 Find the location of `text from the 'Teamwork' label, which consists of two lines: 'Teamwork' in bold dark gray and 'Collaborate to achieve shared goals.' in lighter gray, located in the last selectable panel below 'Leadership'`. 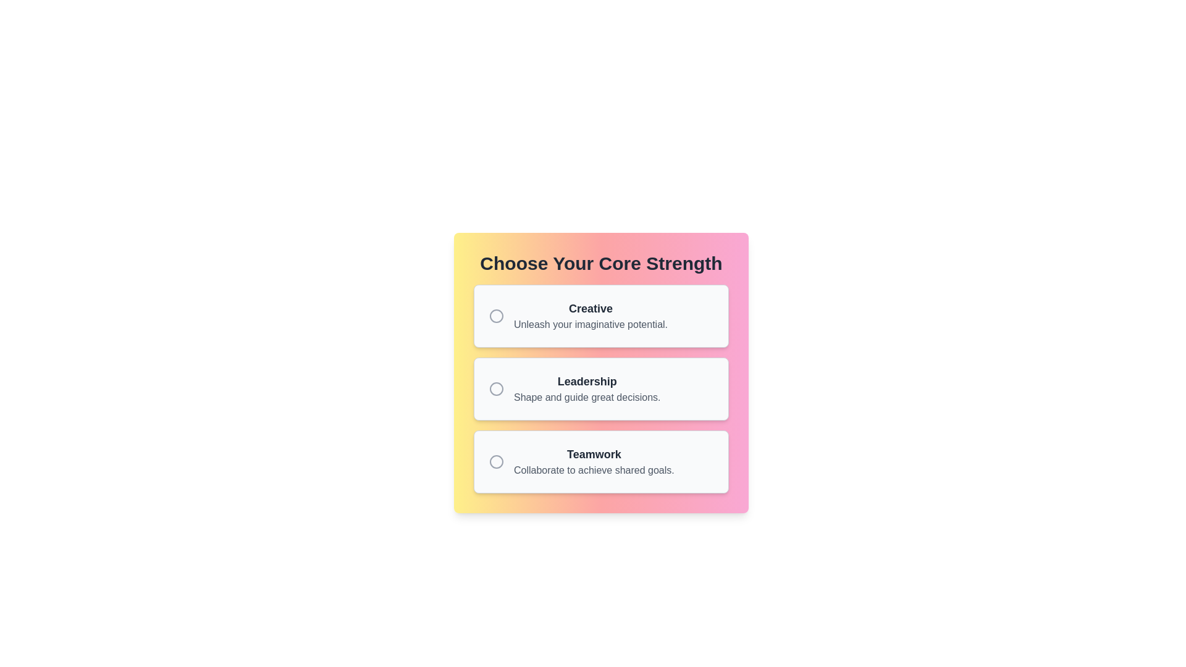

text from the 'Teamwork' label, which consists of two lines: 'Teamwork' in bold dark gray and 'Collaborate to achieve shared goals.' in lighter gray, located in the last selectable panel below 'Leadership' is located at coordinates (594, 462).